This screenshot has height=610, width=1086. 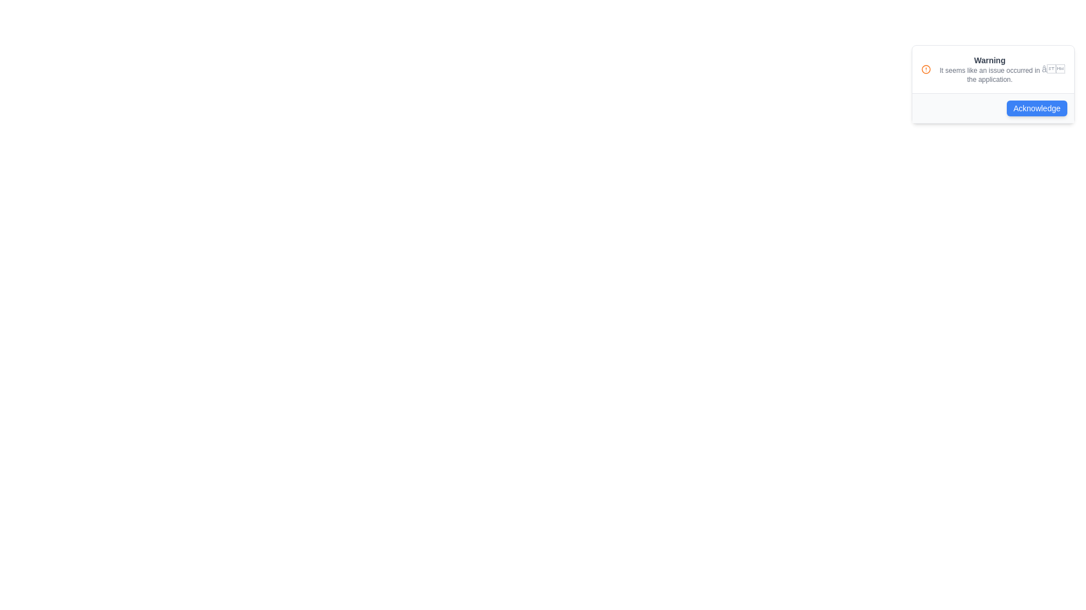 I want to click on the static text element located below the 'Warning' text in the notification panel, which provides additional context about the notification's purpose, so click(x=989, y=75).